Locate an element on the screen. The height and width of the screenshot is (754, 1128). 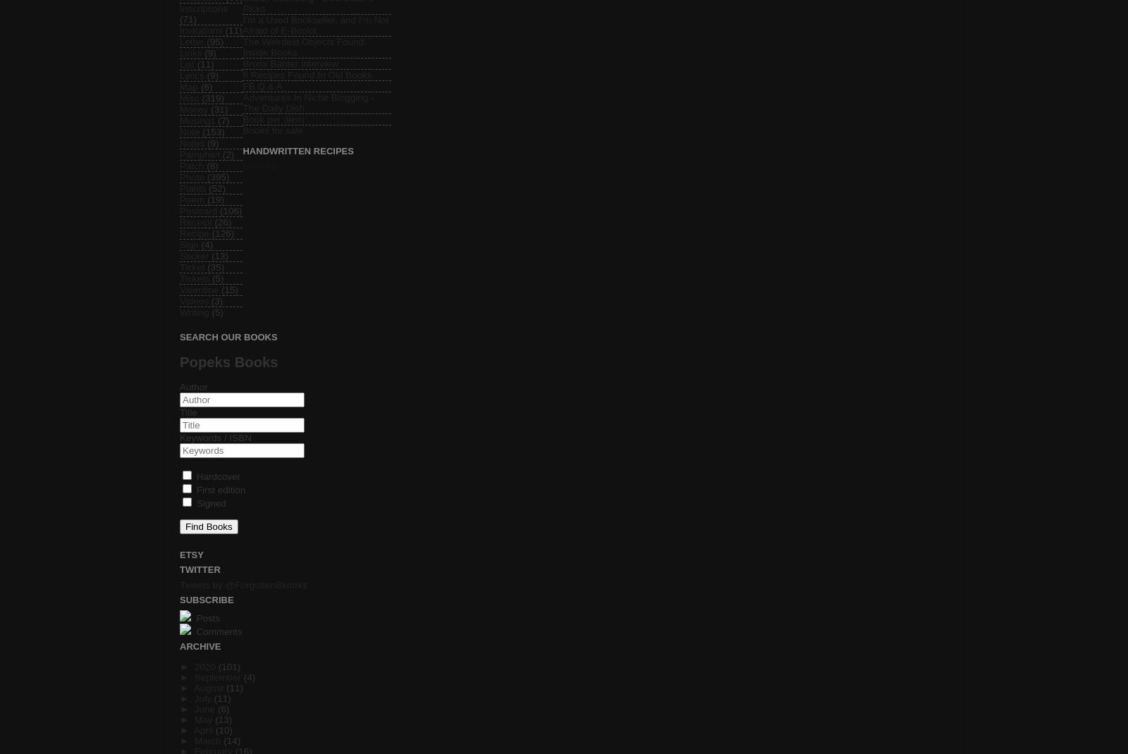
'Writing' is located at coordinates (180, 311).